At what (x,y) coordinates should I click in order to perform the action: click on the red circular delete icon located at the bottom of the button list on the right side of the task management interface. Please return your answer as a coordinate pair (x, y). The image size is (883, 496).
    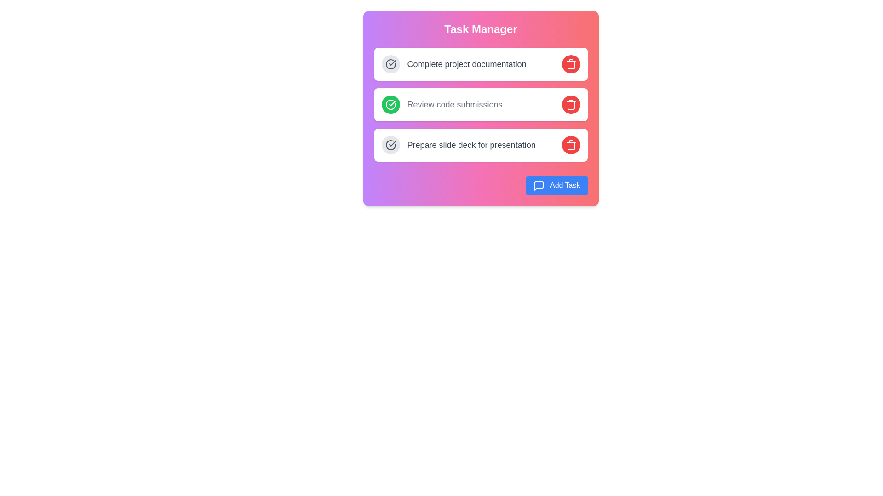
    Looking at the image, I should click on (570, 145).